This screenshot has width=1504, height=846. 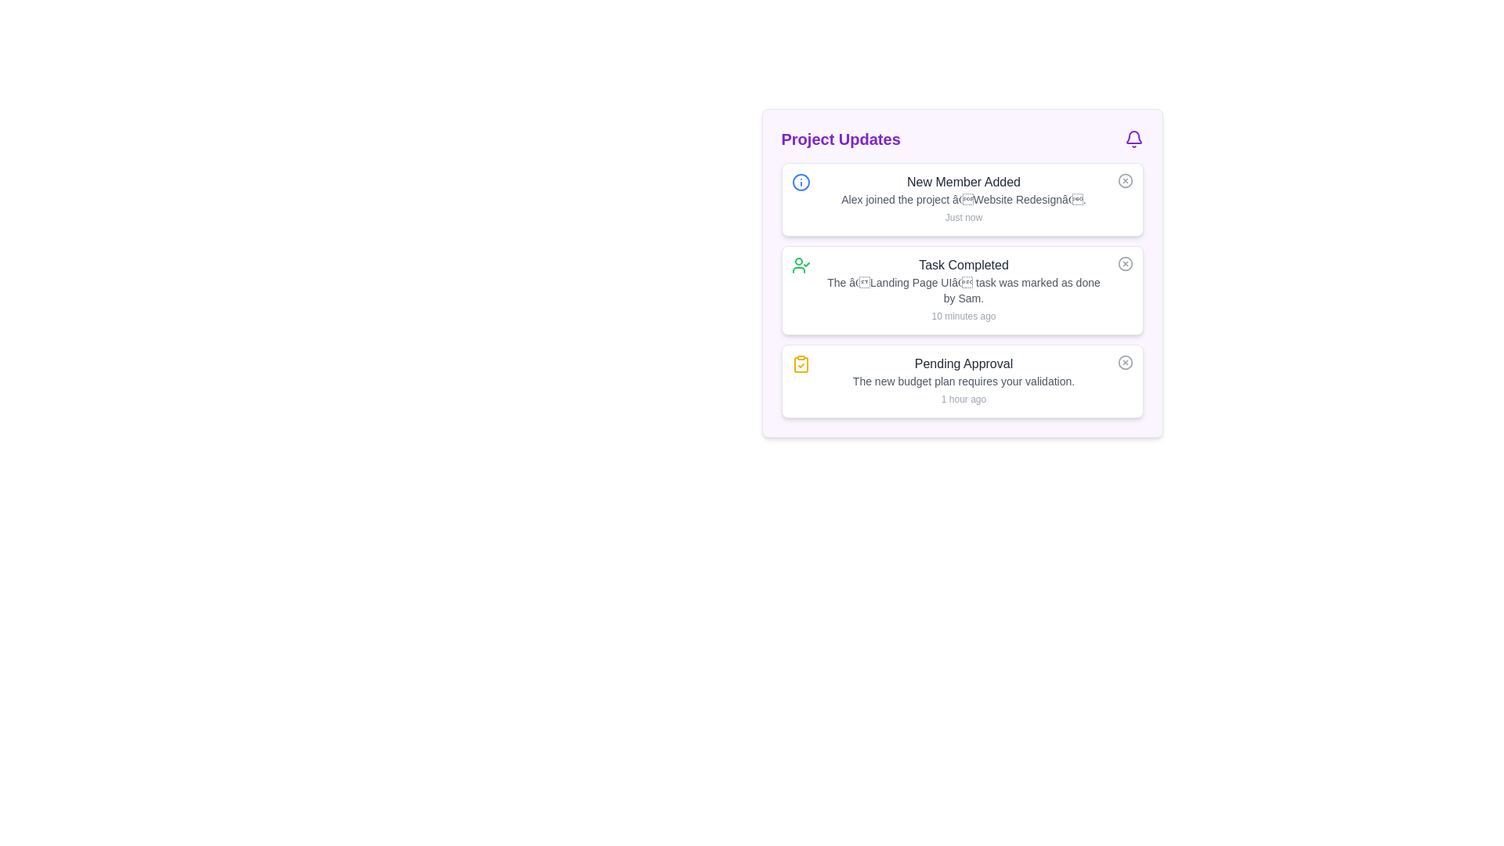 I want to click on the circular button with a gray outline and an internal cross located in the bottom right corner of the 'Pending Approval' notification card, the third card in the vertical list under 'Project Updates', so click(x=1124, y=362).